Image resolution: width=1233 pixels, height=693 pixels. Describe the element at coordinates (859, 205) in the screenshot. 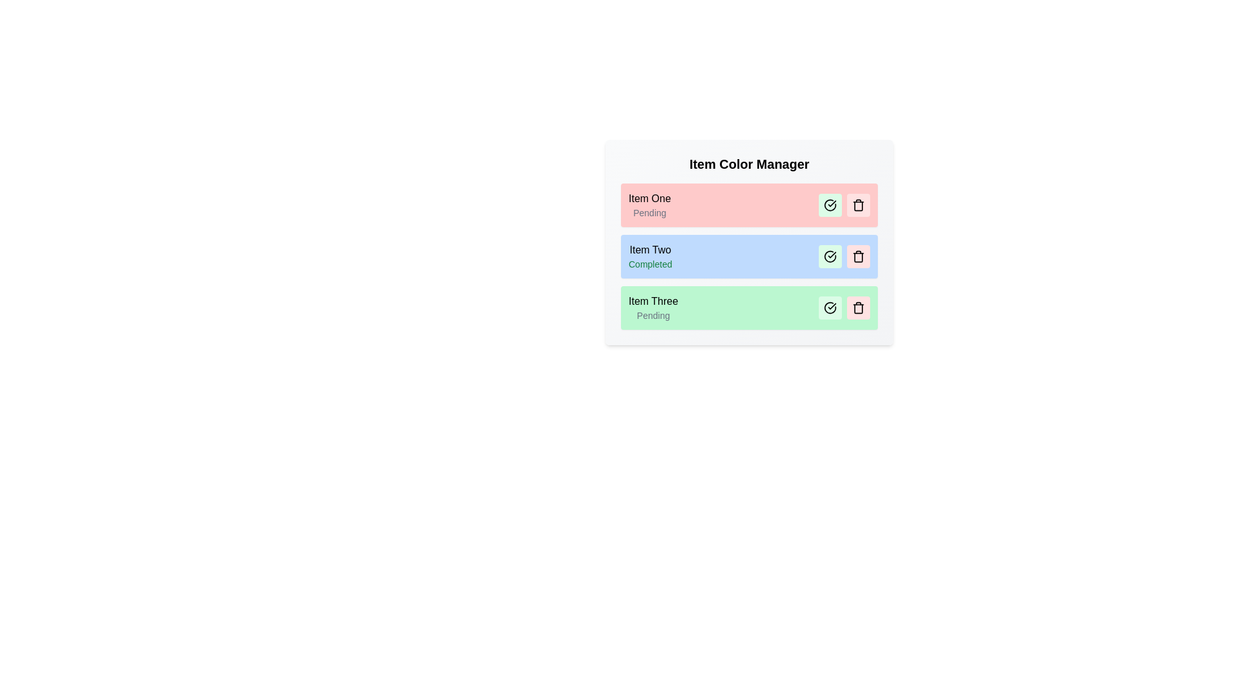

I see `the delete button for the item Item One` at that location.